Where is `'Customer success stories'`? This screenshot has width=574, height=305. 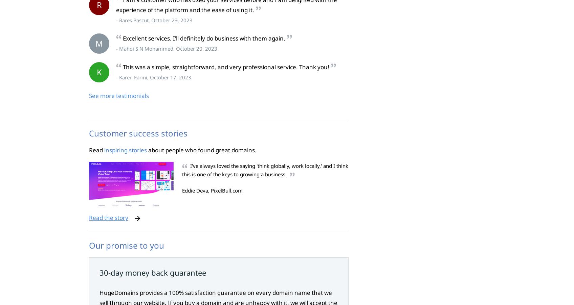 'Customer success stories' is located at coordinates (89, 132).